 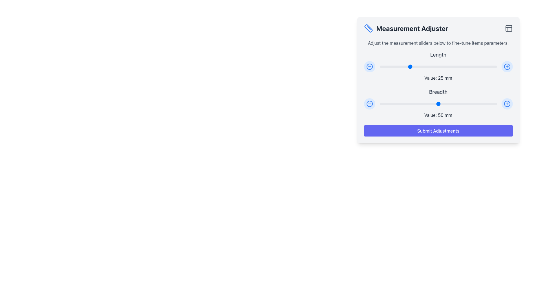 I want to click on the blue ruler icon with a diagonal pattern located in the top-left corner of the 'Measurement Adjuster' panel, so click(x=368, y=28).